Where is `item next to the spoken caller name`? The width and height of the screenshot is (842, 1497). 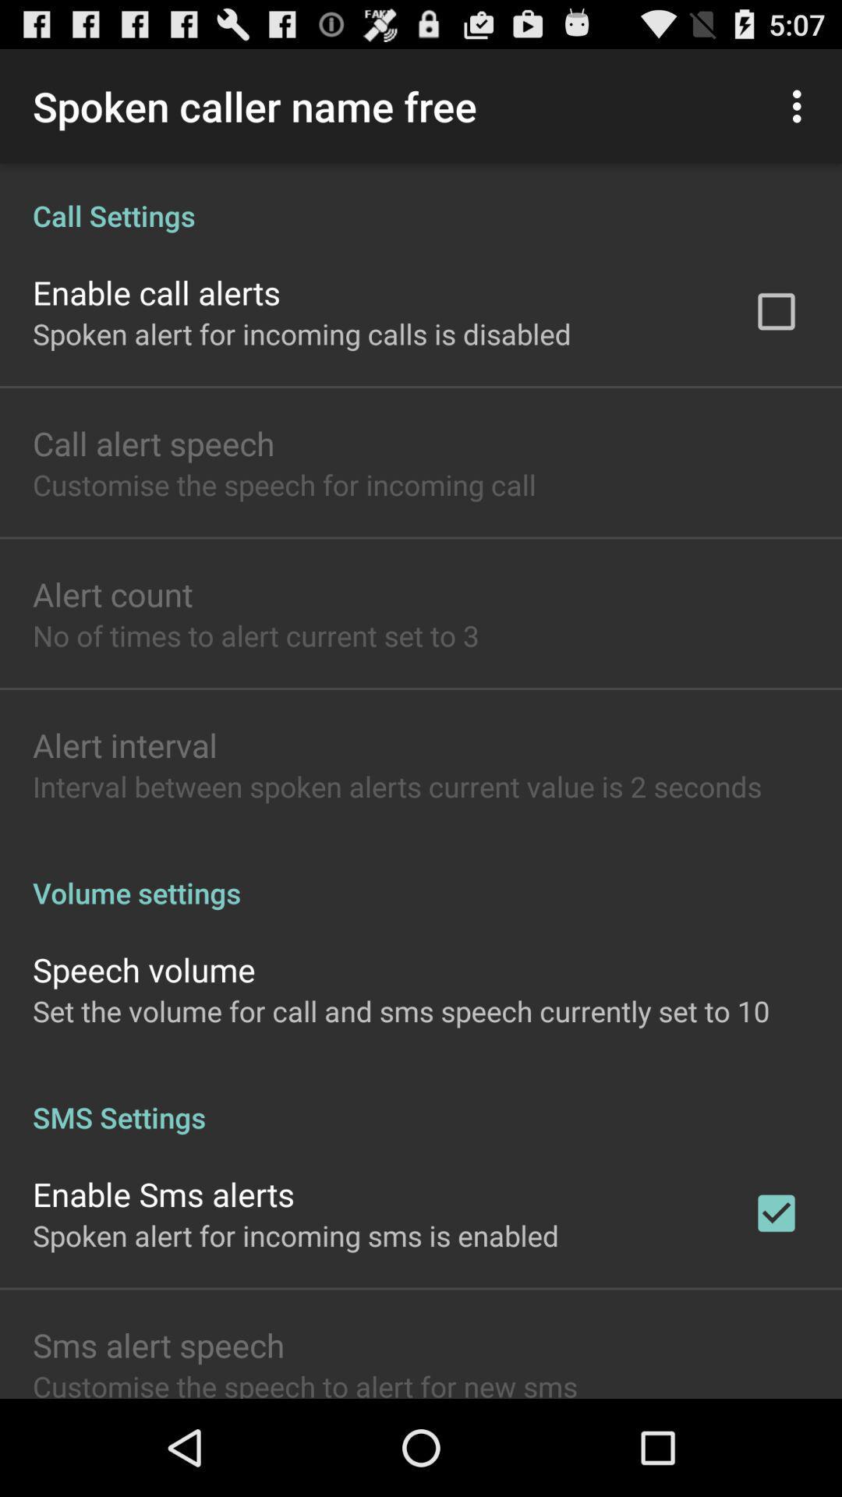
item next to the spoken caller name is located at coordinates (801, 105).